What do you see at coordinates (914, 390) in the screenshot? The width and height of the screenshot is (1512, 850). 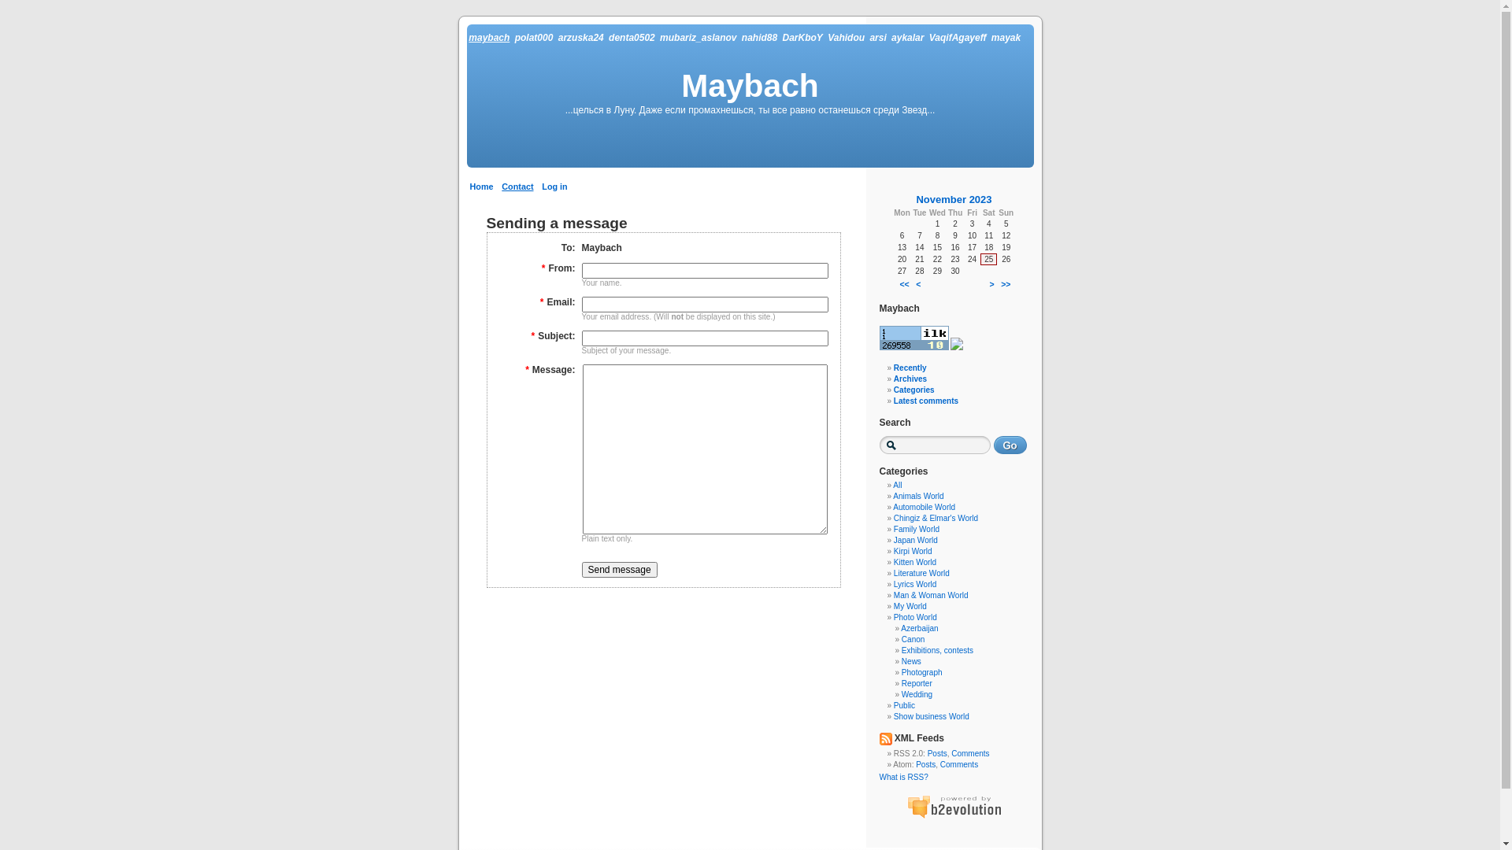 I see `'Categories'` at bounding box center [914, 390].